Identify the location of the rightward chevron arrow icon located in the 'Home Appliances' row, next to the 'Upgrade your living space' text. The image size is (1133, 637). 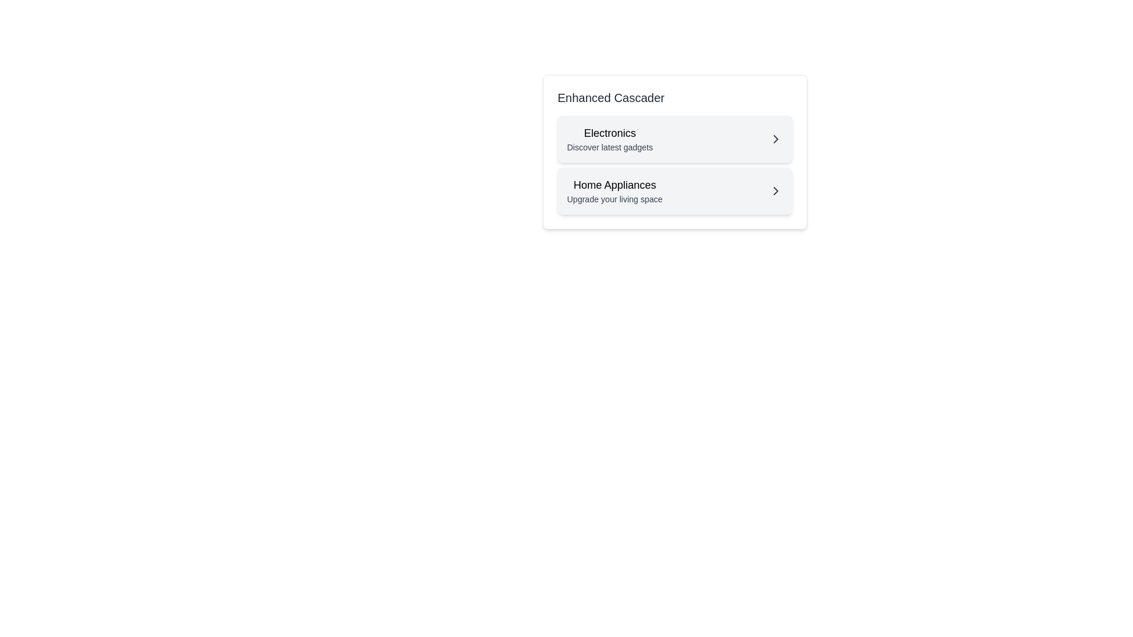
(776, 191).